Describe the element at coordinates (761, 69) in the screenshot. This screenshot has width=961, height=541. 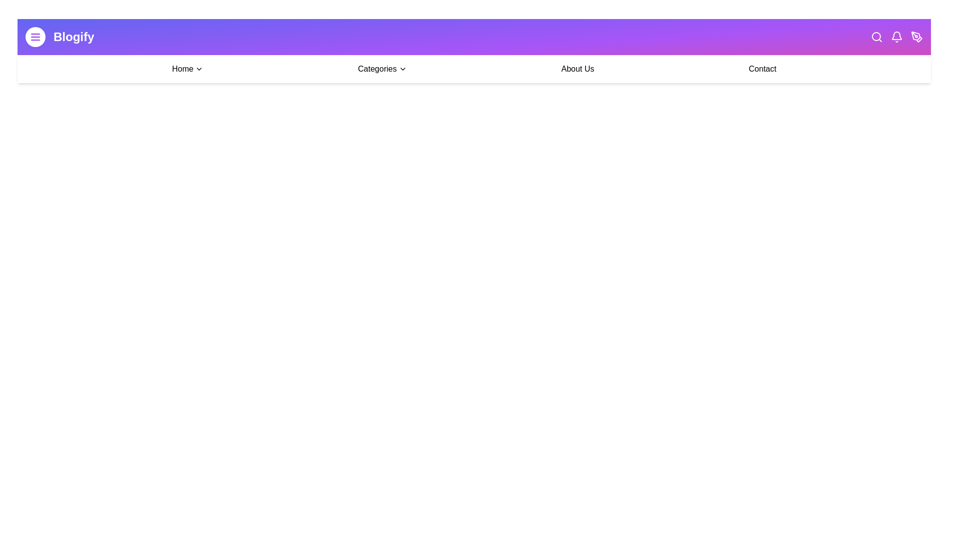
I see `the 'Contact' link in the navigation bar` at that location.